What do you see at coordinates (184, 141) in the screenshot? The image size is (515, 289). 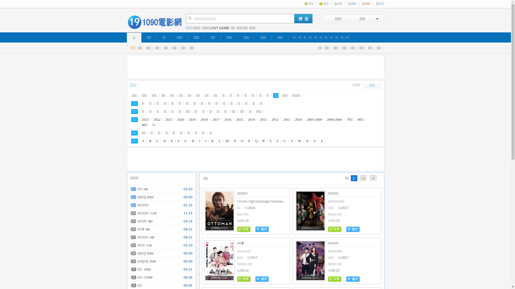 I see `'G'` at bounding box center [184, 141].